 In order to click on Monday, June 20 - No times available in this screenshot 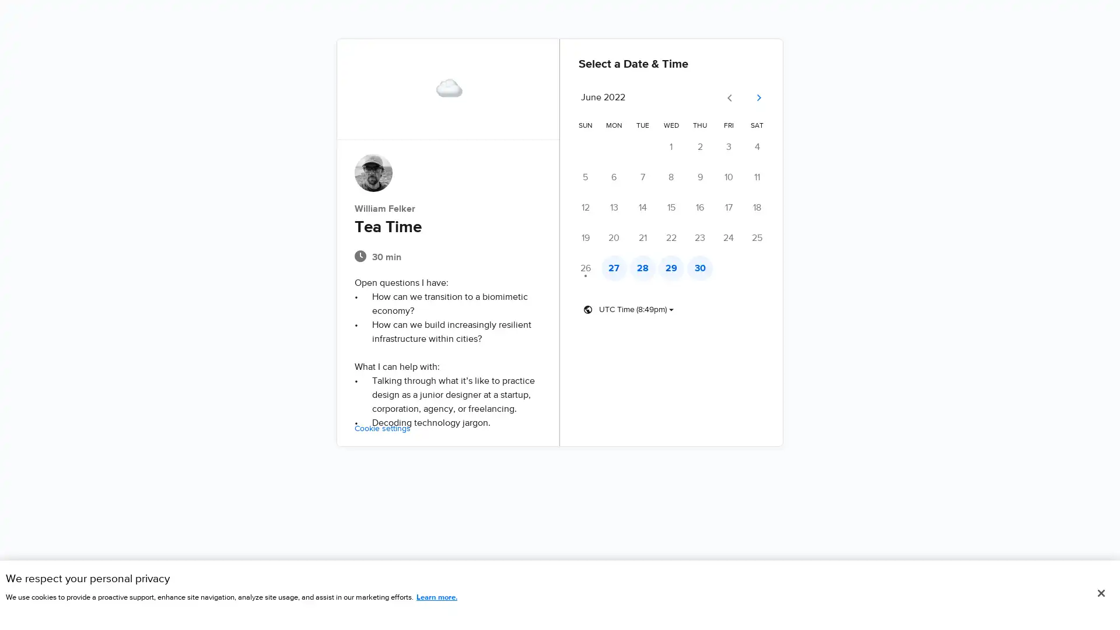, I will do `click(615, 237)`.